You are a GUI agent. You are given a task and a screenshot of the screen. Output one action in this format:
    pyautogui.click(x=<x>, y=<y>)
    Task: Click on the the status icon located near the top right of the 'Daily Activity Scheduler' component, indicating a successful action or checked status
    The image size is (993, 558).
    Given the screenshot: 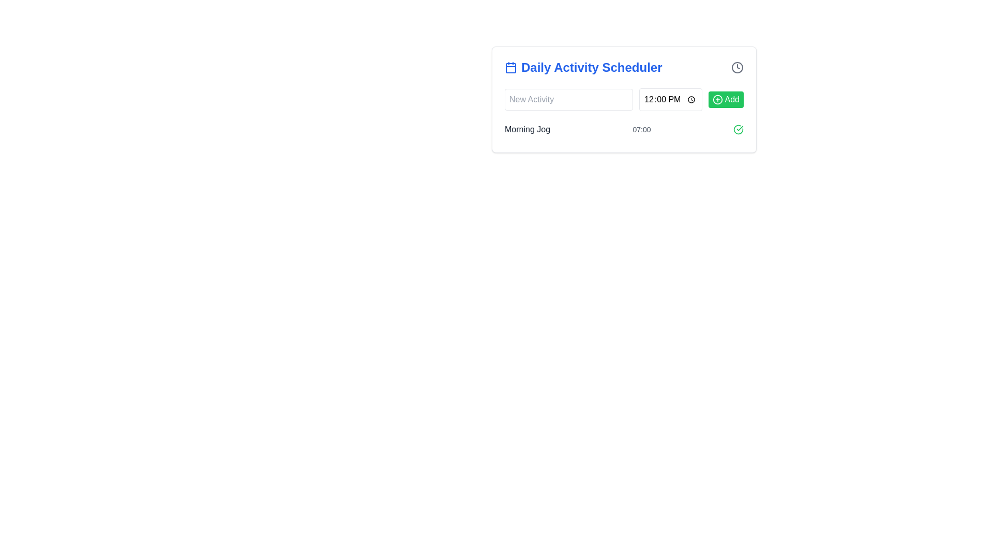 What is the action you would take?
    pyautogui.click(x=738, y=129)
    